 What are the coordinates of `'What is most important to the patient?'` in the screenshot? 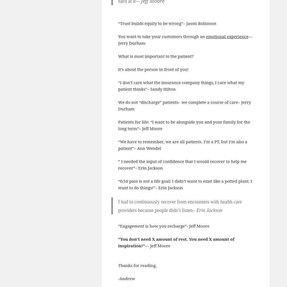 It's located at (156, 56).